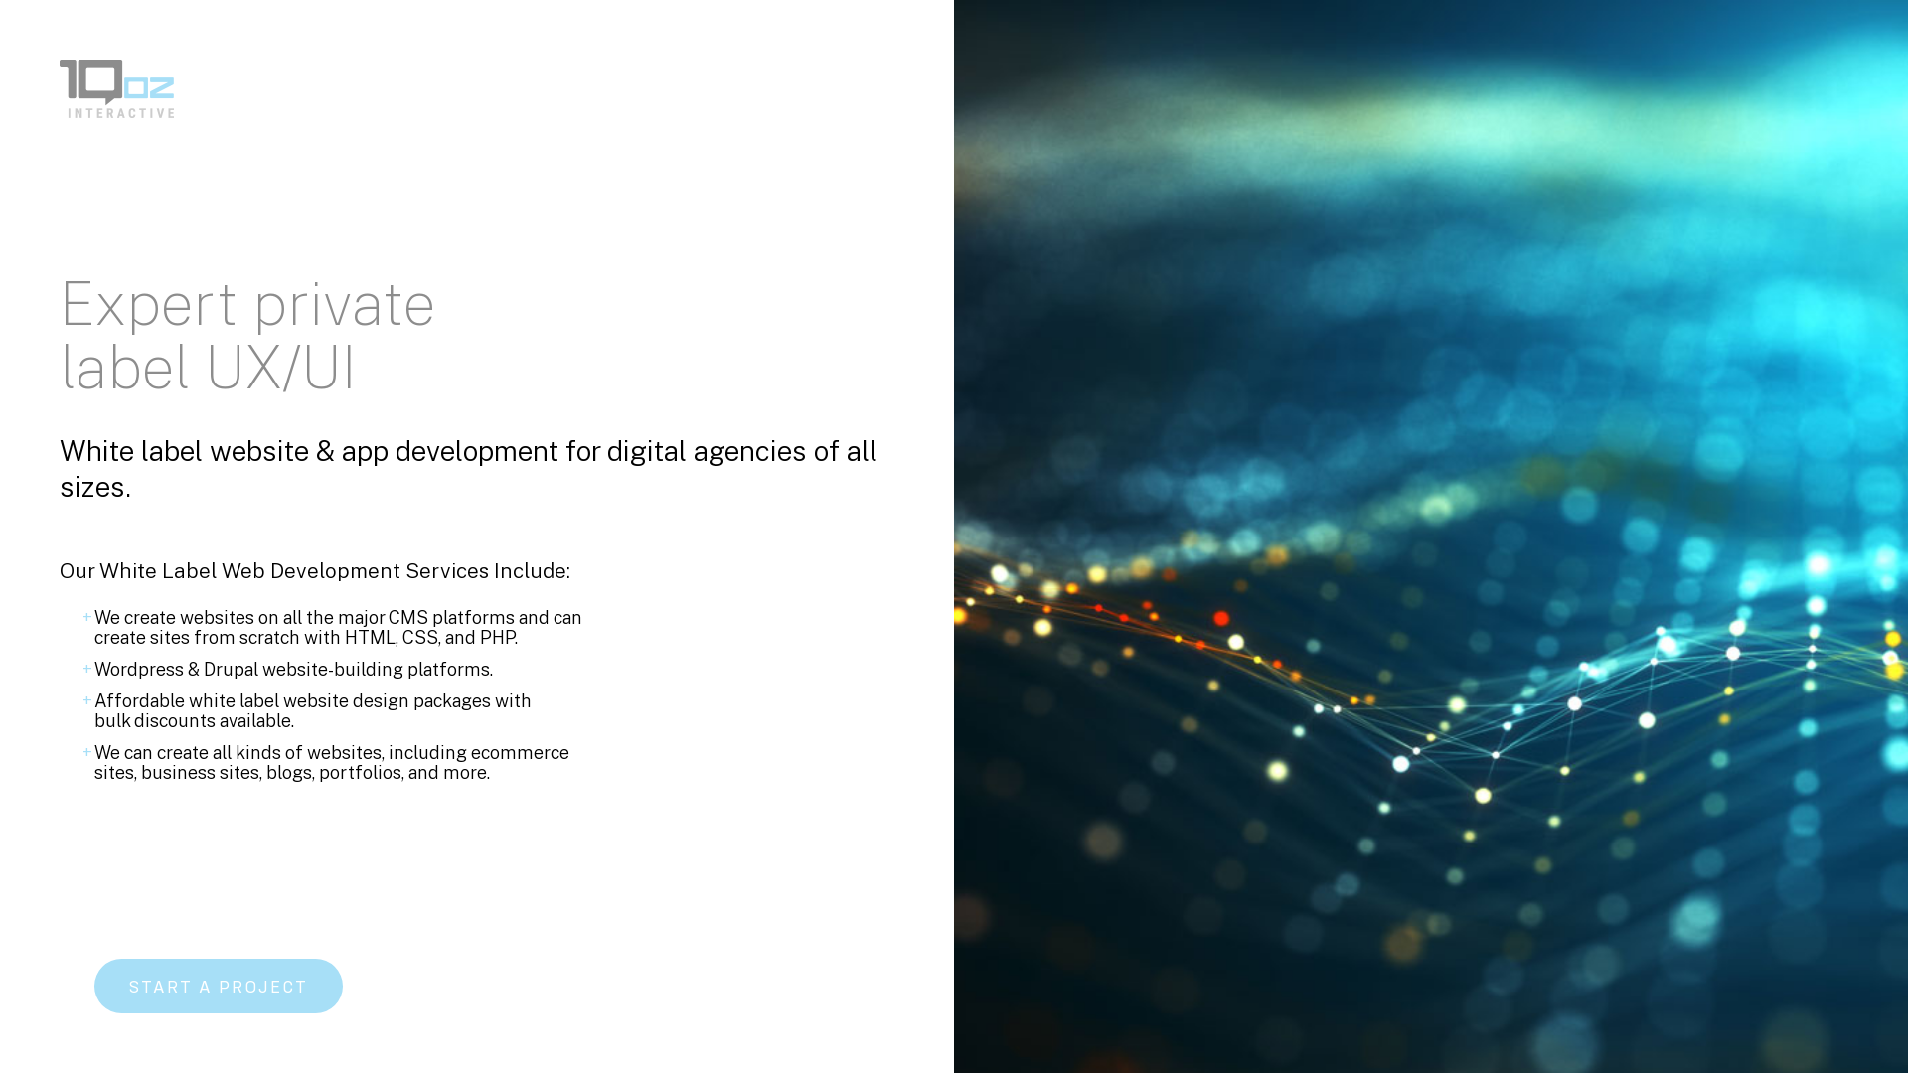 This screenshot has height=1073, width=1908. What do you see at coordinates (93, 986) in the screenshot?
I see `'START A PROJECT'` at bounding box center [93, 986].